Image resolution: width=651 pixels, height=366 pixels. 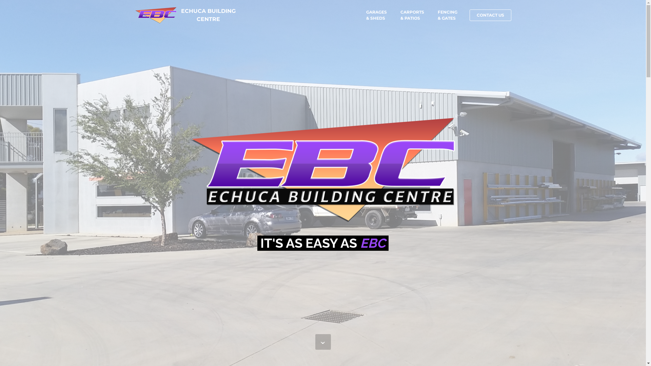 What do you see at coordinates (376, 15) in the screenshot?
I see `'GARAGES` at bounding box center [376, 15].